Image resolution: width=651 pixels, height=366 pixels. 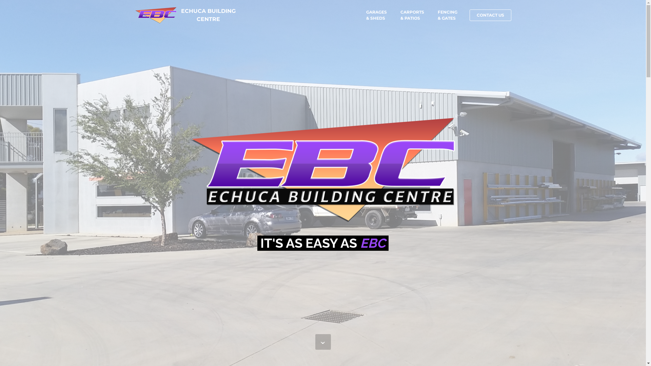 What do you see at coordinates (376, 15) in the screenshot?
I see `'GARAGES` at bounding box center [376, 15].